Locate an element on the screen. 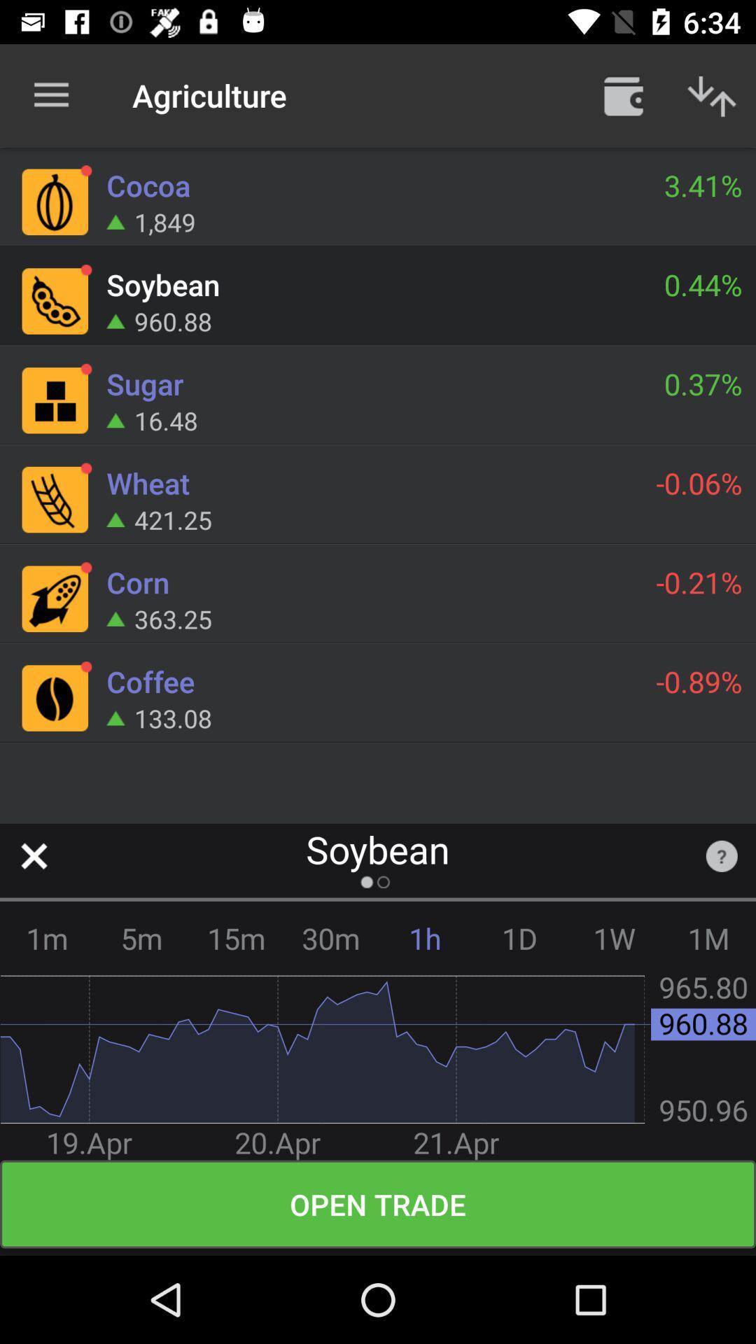  icon next to soybean item is located at coordinates (33, 855).